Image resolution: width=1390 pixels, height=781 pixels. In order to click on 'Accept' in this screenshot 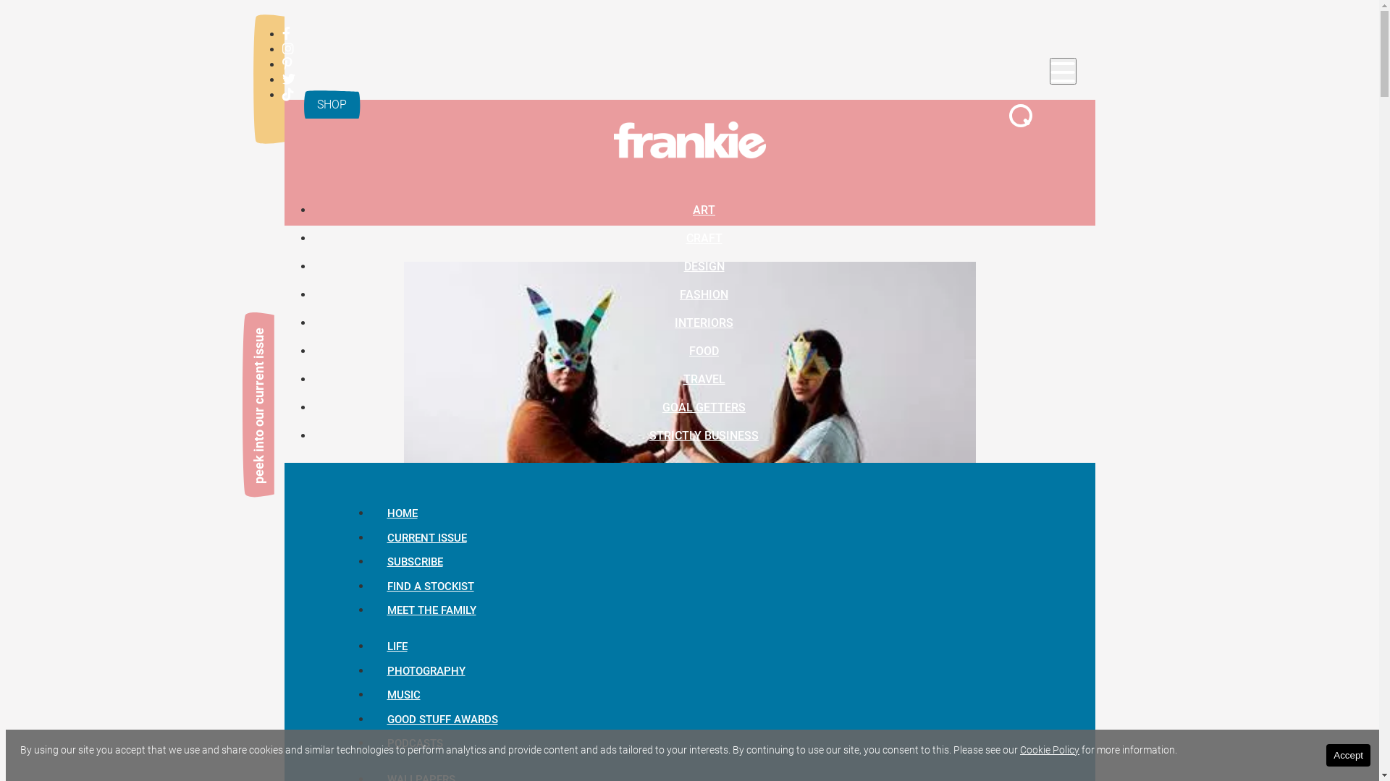, I will do `click(1347, 754)`.